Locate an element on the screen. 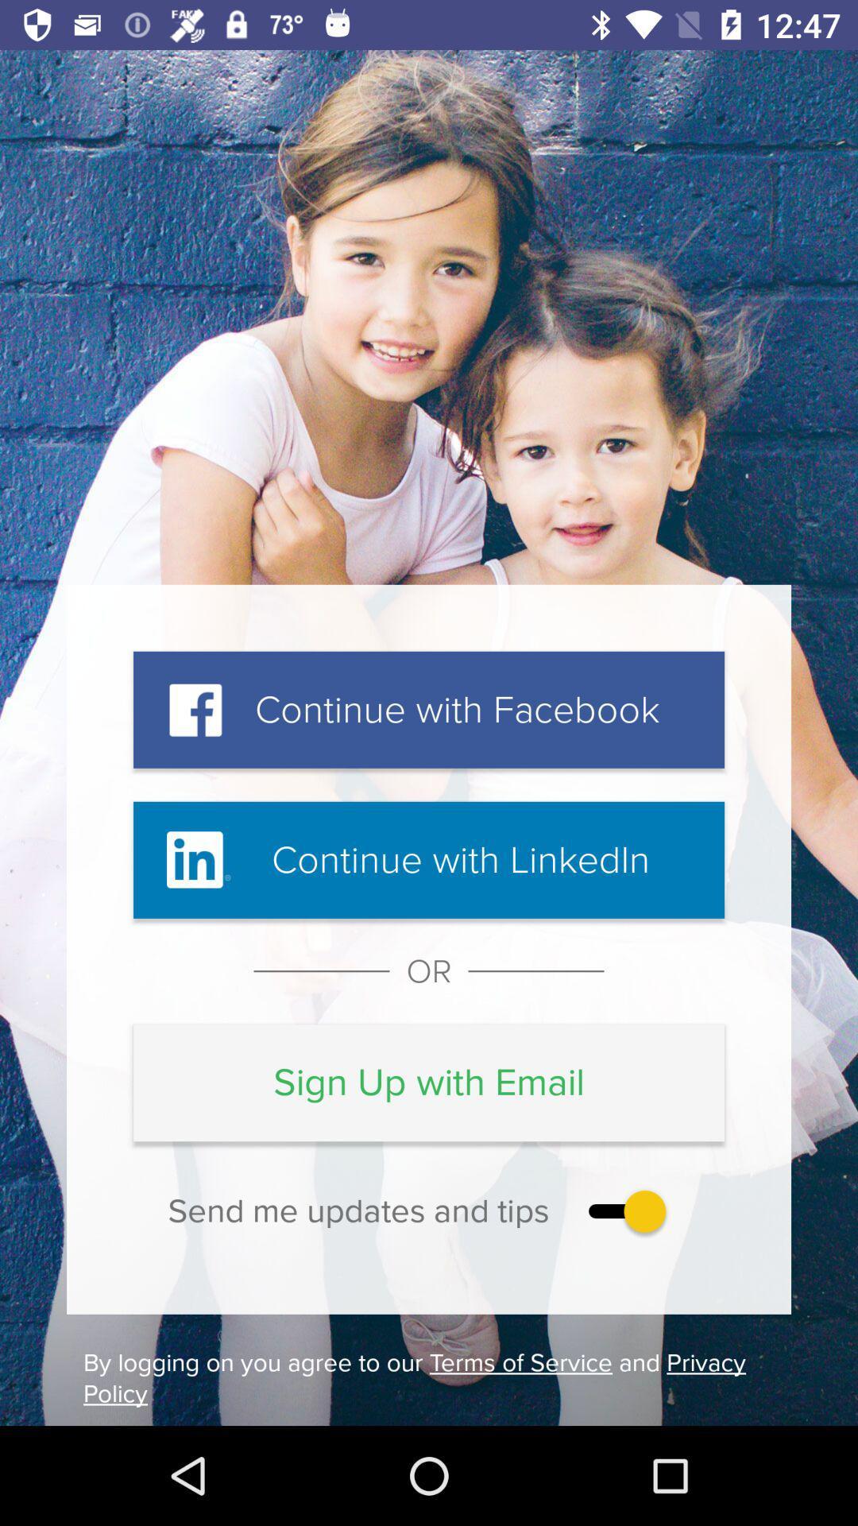  the icon next to the send me updates icon is located at coordinates (623, 1210).